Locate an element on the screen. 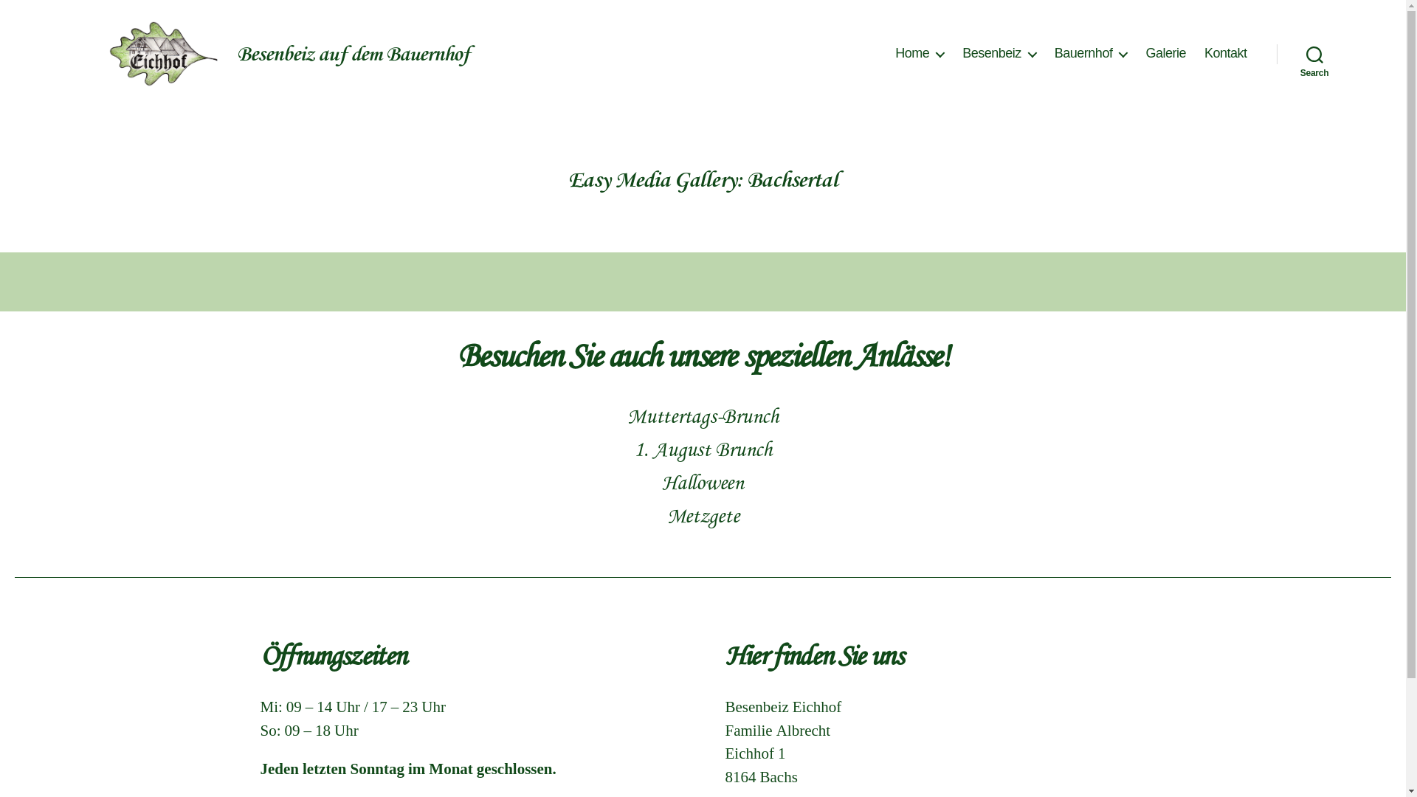  'Kontakt' is located at coordinates (1225, 53).